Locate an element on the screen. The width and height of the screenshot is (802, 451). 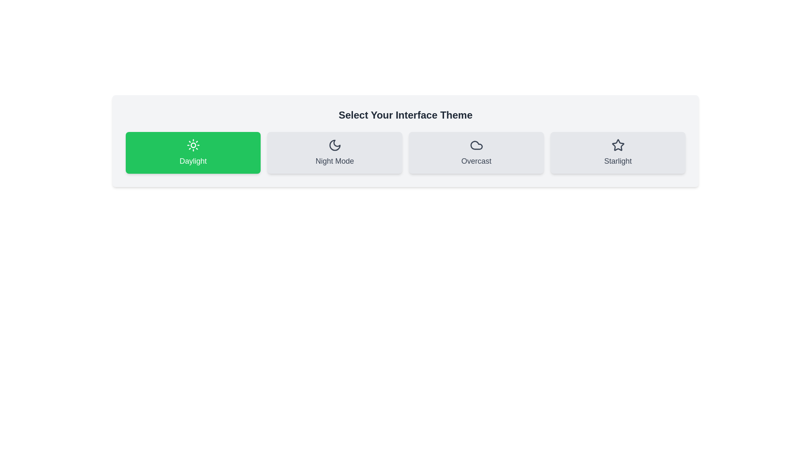
the theme by clicking on the Daylight button is located at coordinates (193, 153).